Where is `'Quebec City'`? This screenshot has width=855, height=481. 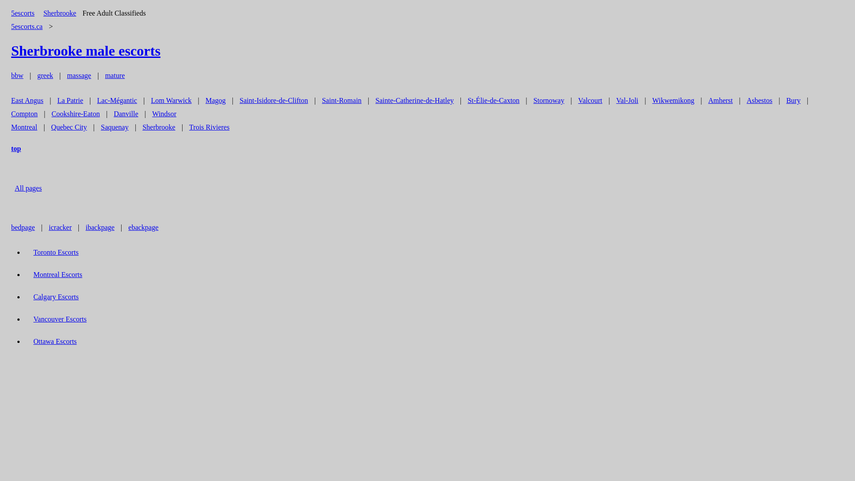
'Quebec City' is located at coordinates (68, 127).